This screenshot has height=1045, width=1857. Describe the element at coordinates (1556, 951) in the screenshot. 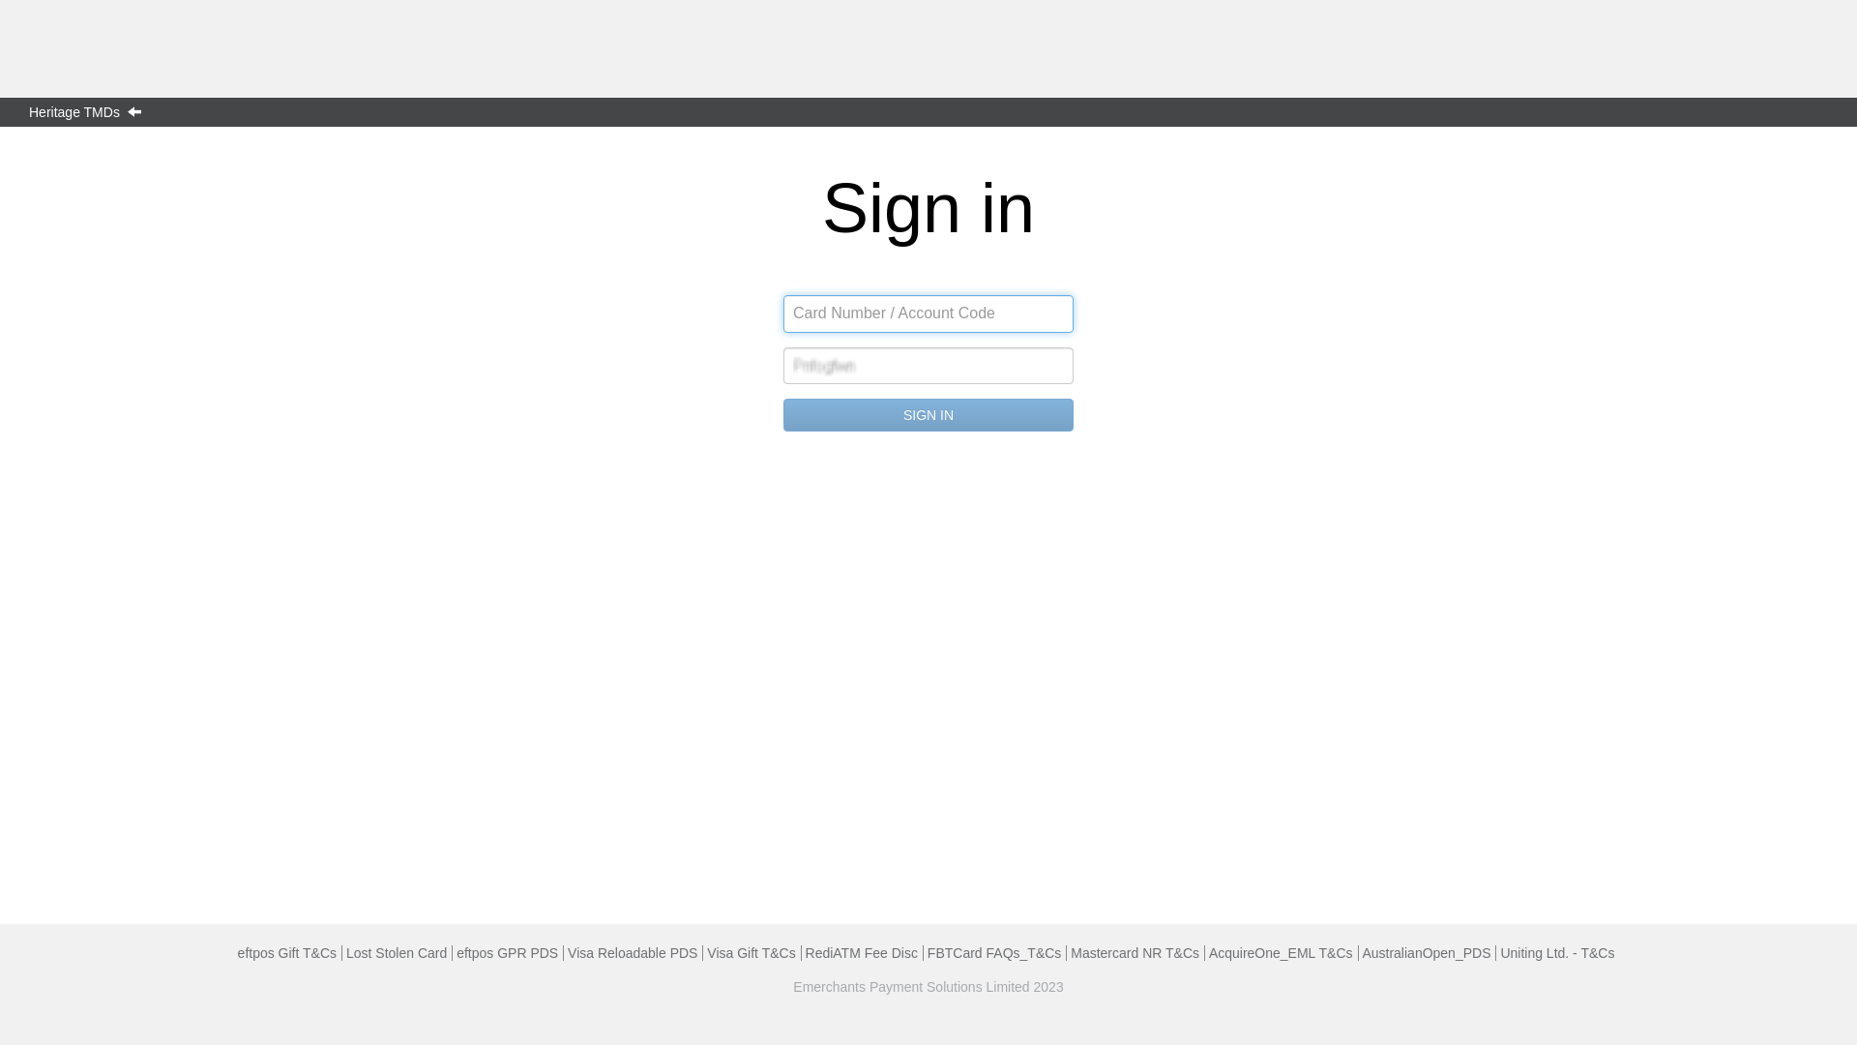

I see `'Uniting Ltd. - T&Cs'` at that location.